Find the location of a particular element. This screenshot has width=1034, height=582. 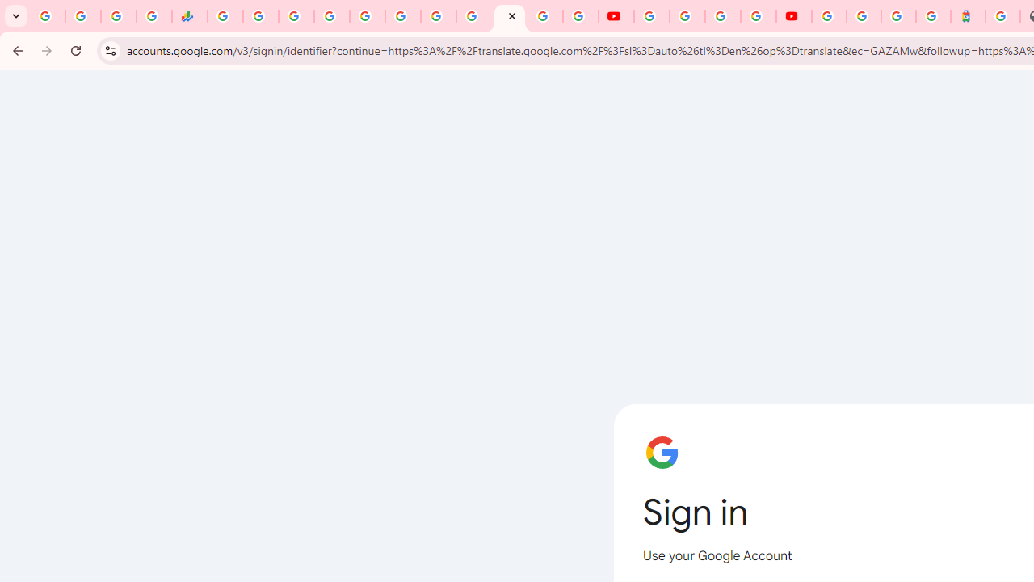

'Sign in - Google Accounts' is located at coordinates (829, 16).